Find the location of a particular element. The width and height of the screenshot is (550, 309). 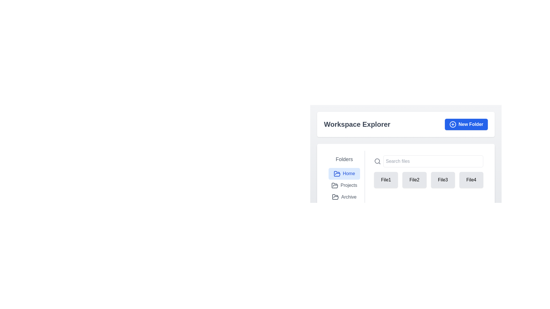

the 'Projects' navigation item with an open folder icon for visual feedback is located at coordinates (344, 185).